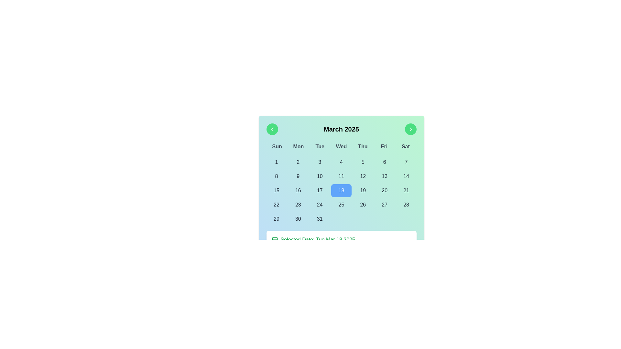 The image size is (621, 349). What do you see at coordinates (410, 129) in the screenshot?
I see `the right-facing chevron icon in the top-right corner of the calendar interface` at bounding box center [410, 129].